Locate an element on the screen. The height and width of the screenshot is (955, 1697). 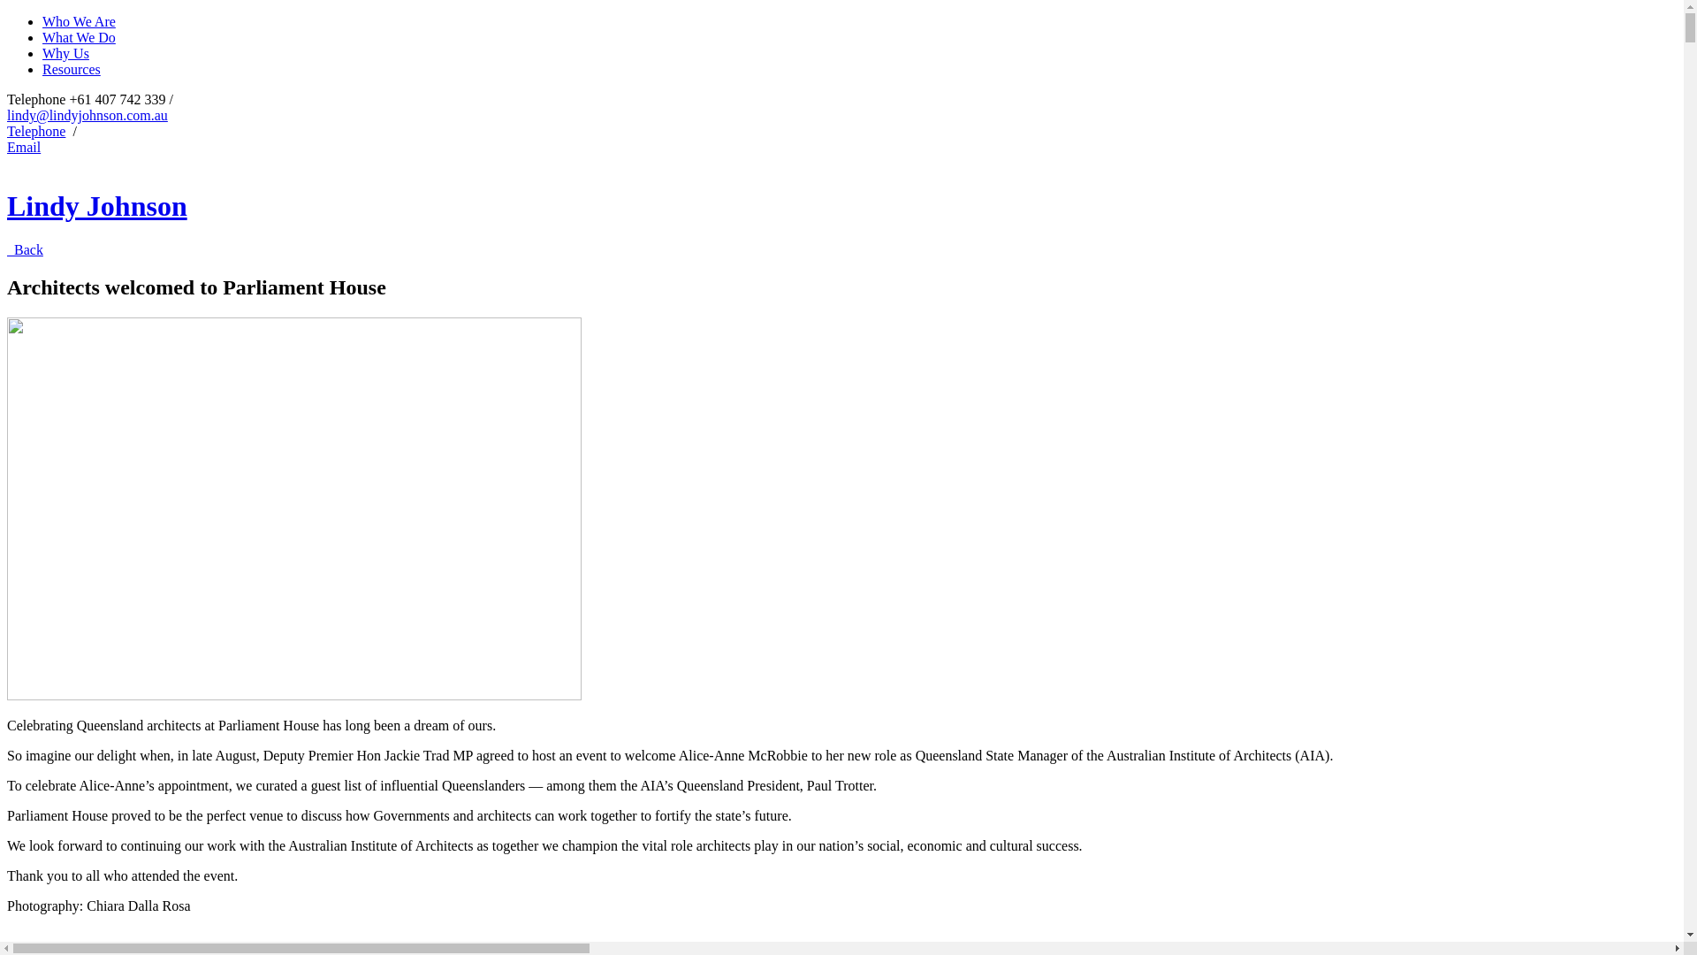
'lindy@lindyjohnson.com.au' is located at coordinates (87, 115).